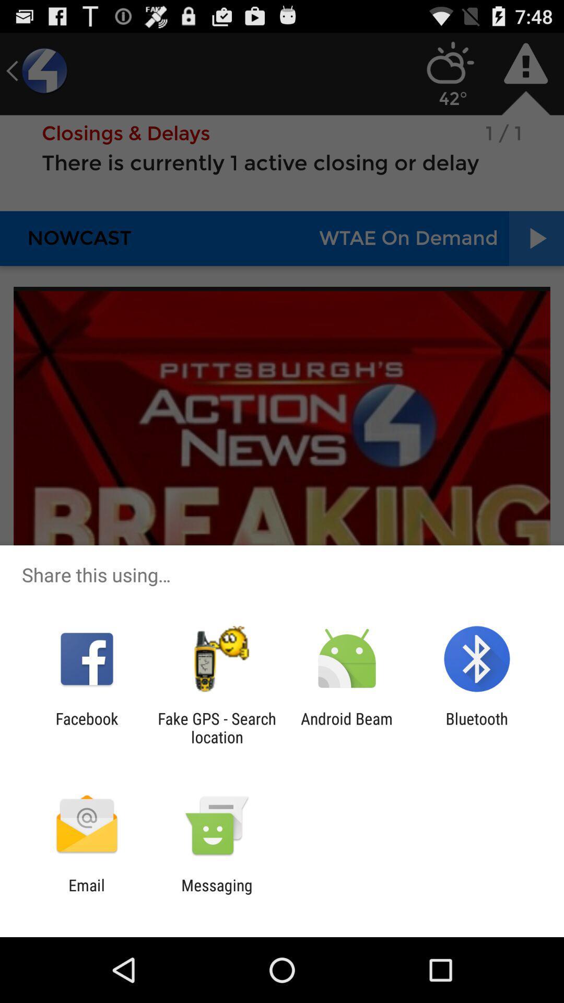  Describe the element at coordinates (347, 727) in the screenshot. I see `item next to the fake gps search` at that location.